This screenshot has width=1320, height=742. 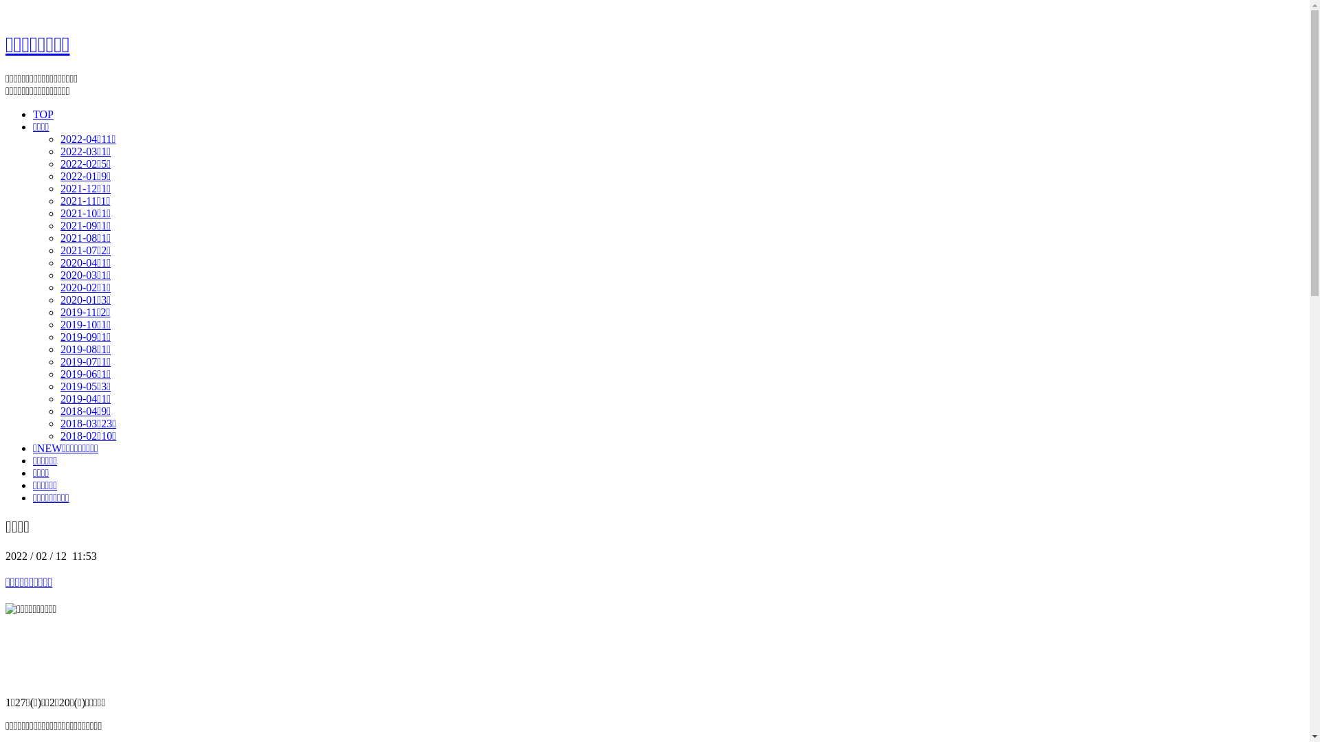 What do you see at coordinates (43, 113) in the screenshot?
I see `'TOP'` at bounding box center [43, 113].